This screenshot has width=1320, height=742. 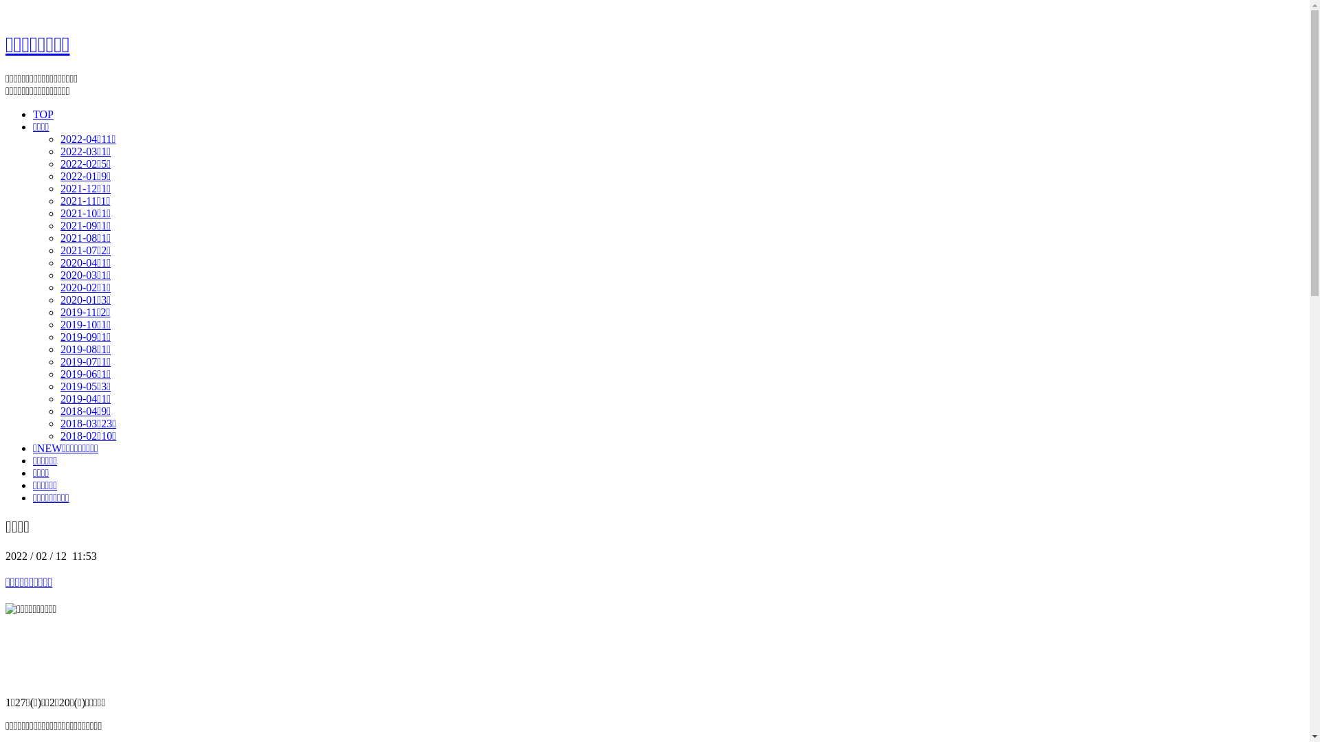 What do you see at coordinates (43, 113) in the screenshot?
I see `'TOP'` at bounding box center [43, 113].